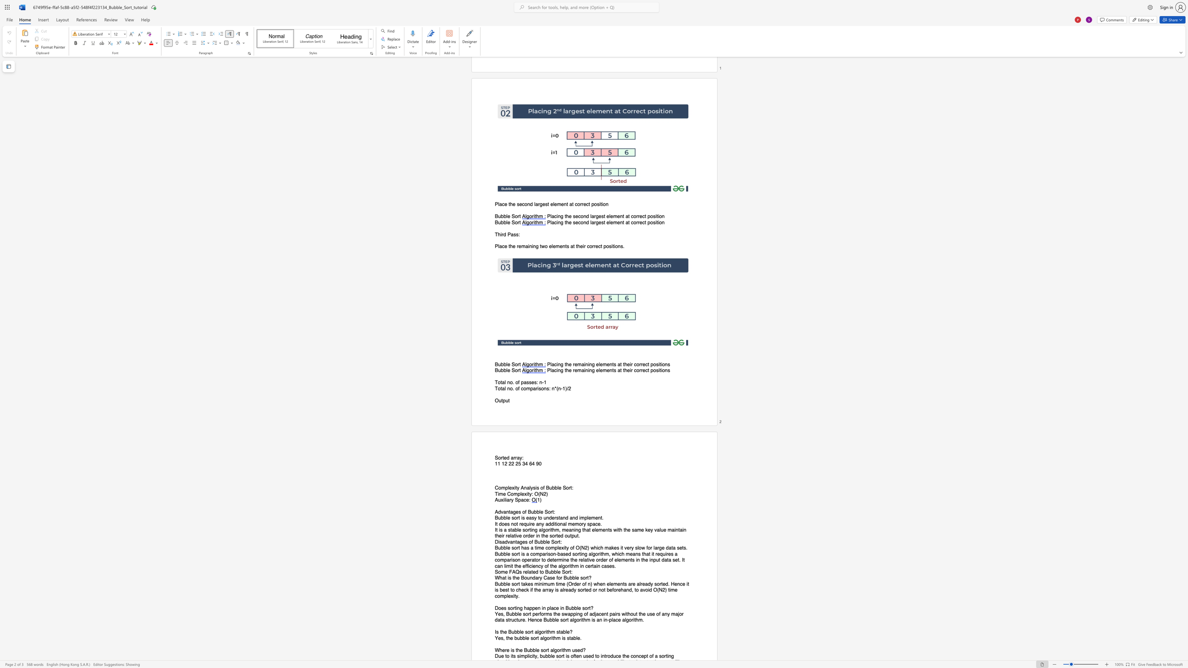 The image size is (1188, 668). What do you see at coordinates (535, 650) in the screenshot?
I see `the 1th character "l" in the text` at bounding box center [535, 650].